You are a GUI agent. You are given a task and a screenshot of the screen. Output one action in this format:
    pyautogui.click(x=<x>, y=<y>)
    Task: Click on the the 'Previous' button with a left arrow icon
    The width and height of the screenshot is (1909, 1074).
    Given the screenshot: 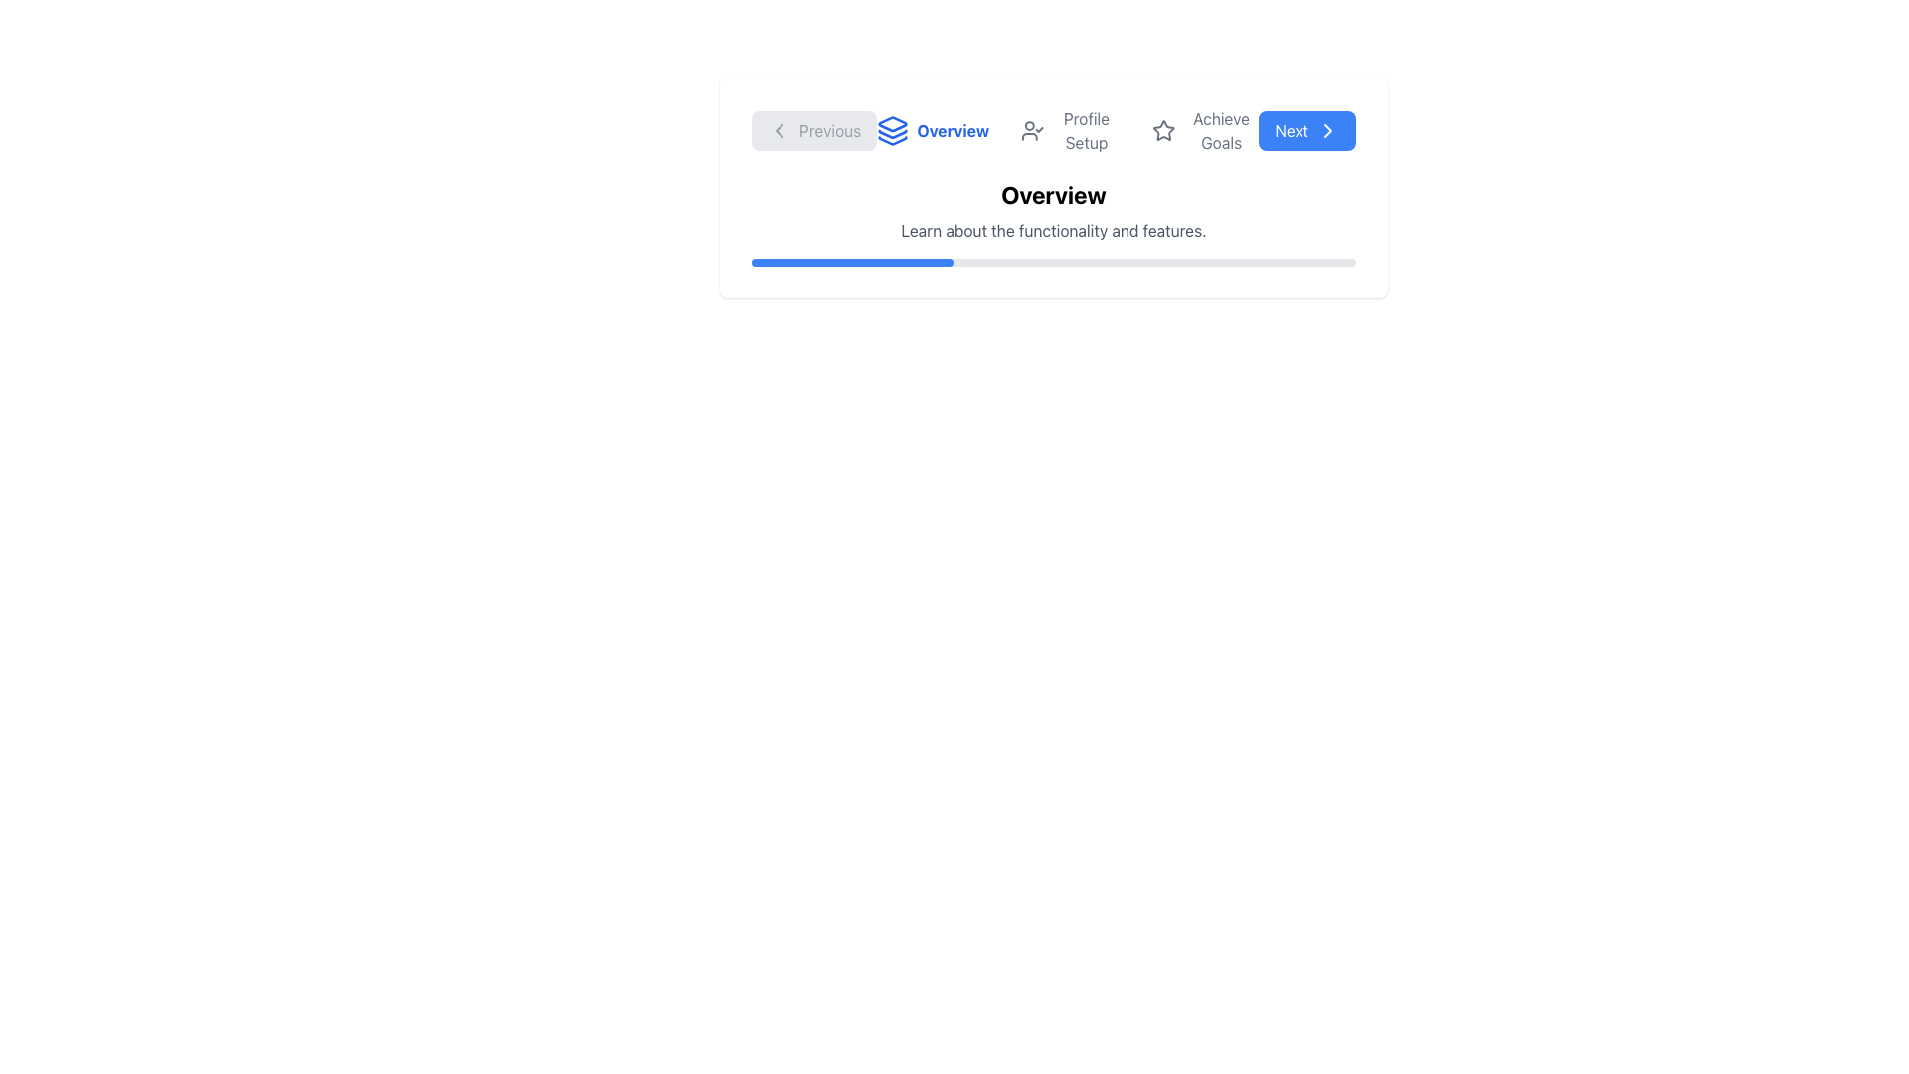 What is the action you would take?
    pyautogui.click(x=814, y=130)
    